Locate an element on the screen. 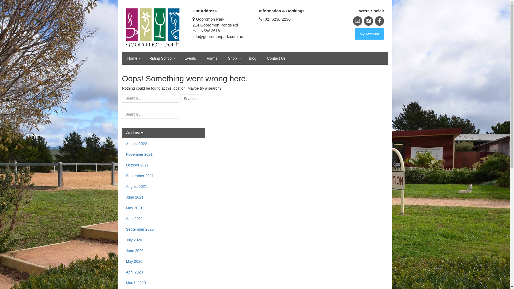 This screenshot has width=514, height=289. 'Contact Us' is located at coordinates (276, 58).